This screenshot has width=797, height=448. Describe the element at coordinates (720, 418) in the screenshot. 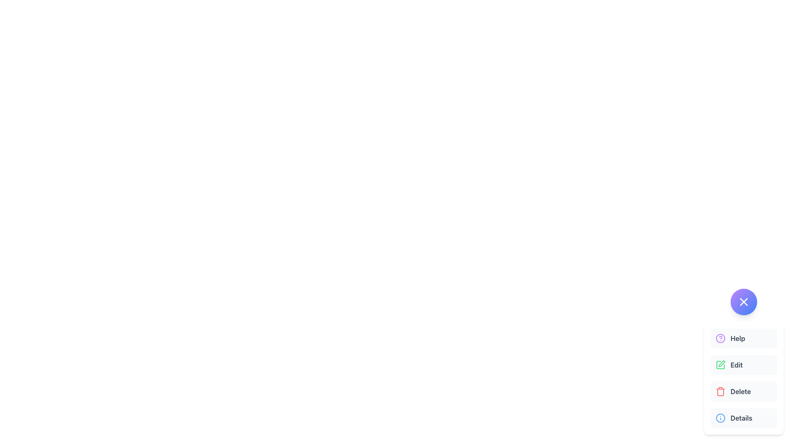

I see `the circular information icon with a blue outline and a white inner background, located to the left of the 'Details' text in the last item of the vertically-stacked menu` at that location.